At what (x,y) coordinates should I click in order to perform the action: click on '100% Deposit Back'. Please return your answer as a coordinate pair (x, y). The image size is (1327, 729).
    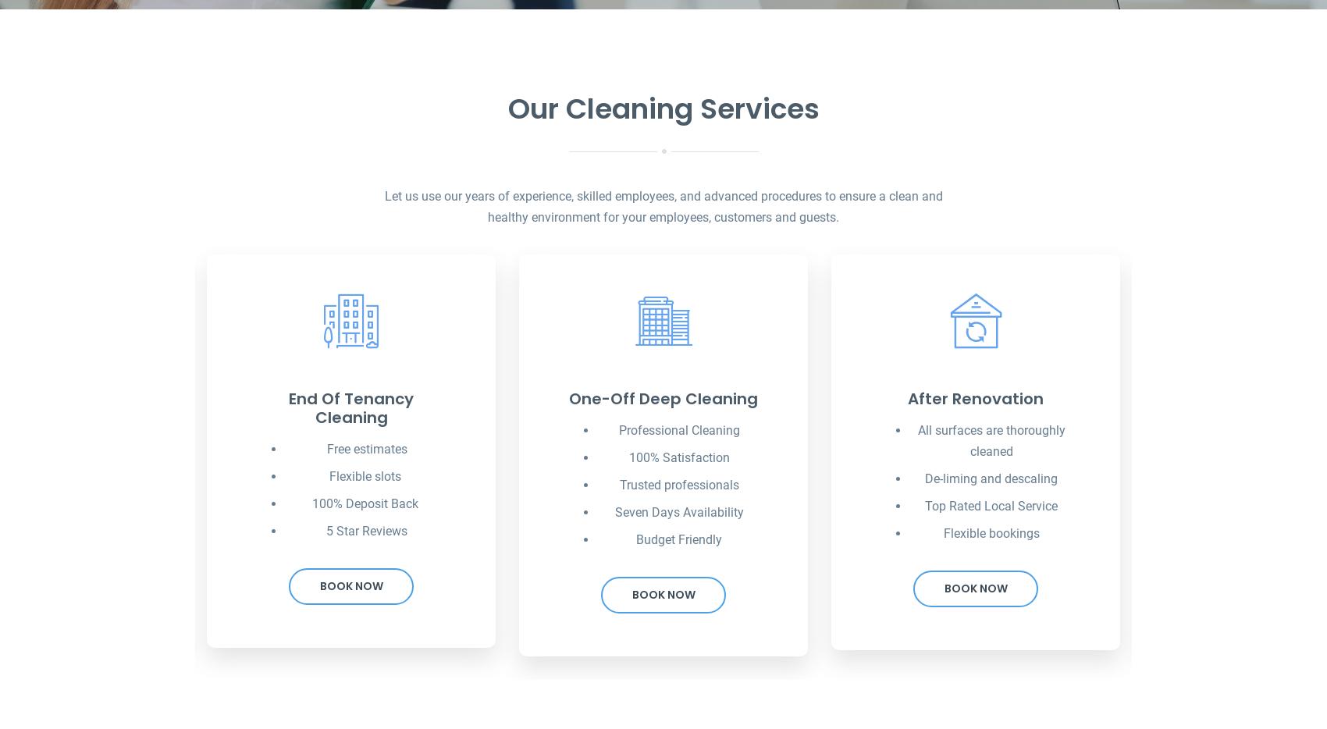
    Looking at the image, I should click on (311, 503).